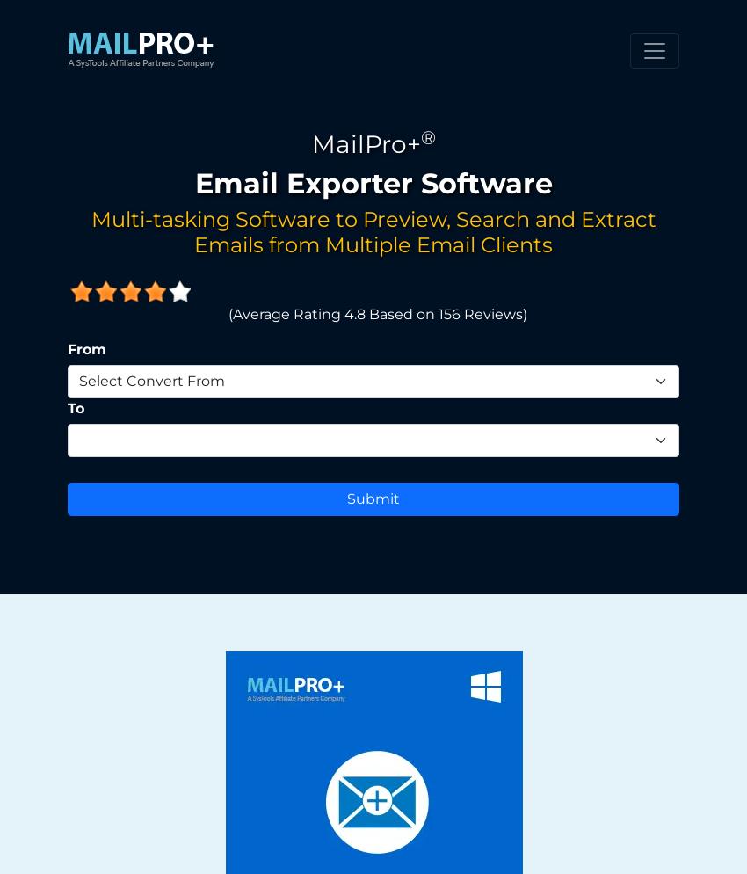  Describe the element at coordinates (206, 591) in the screenshot. I see `'Expert Reviews'` at that location.